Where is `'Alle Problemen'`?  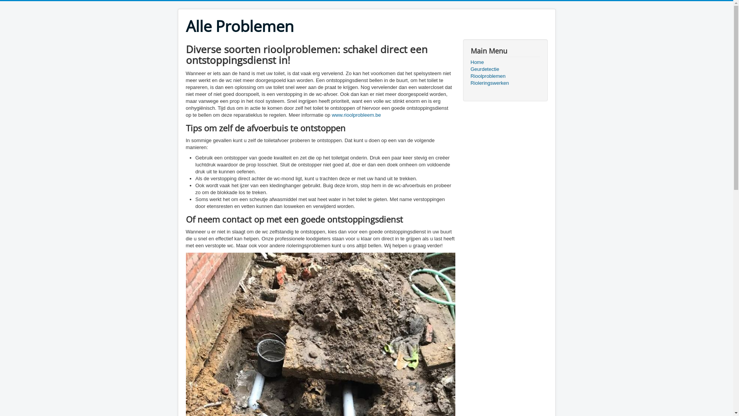
'Alle Problemen' is located at coordinates (239, 26).